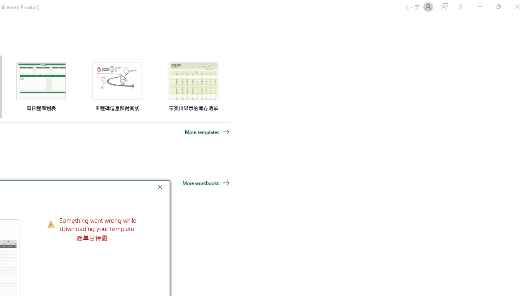 This screenshot has height=296, width=527. I want to click on 'More templates', so click(207, 132).